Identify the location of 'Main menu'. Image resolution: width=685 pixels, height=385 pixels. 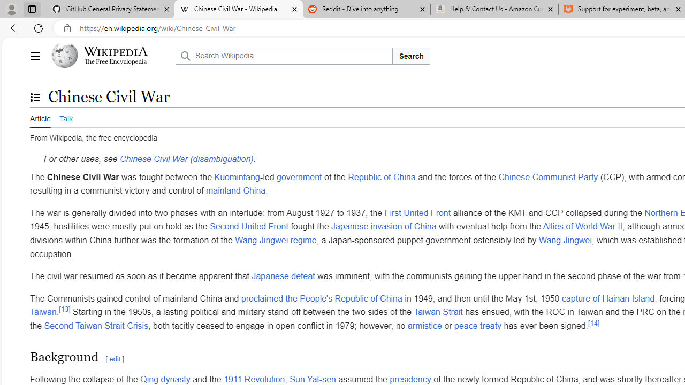
(35, 56).